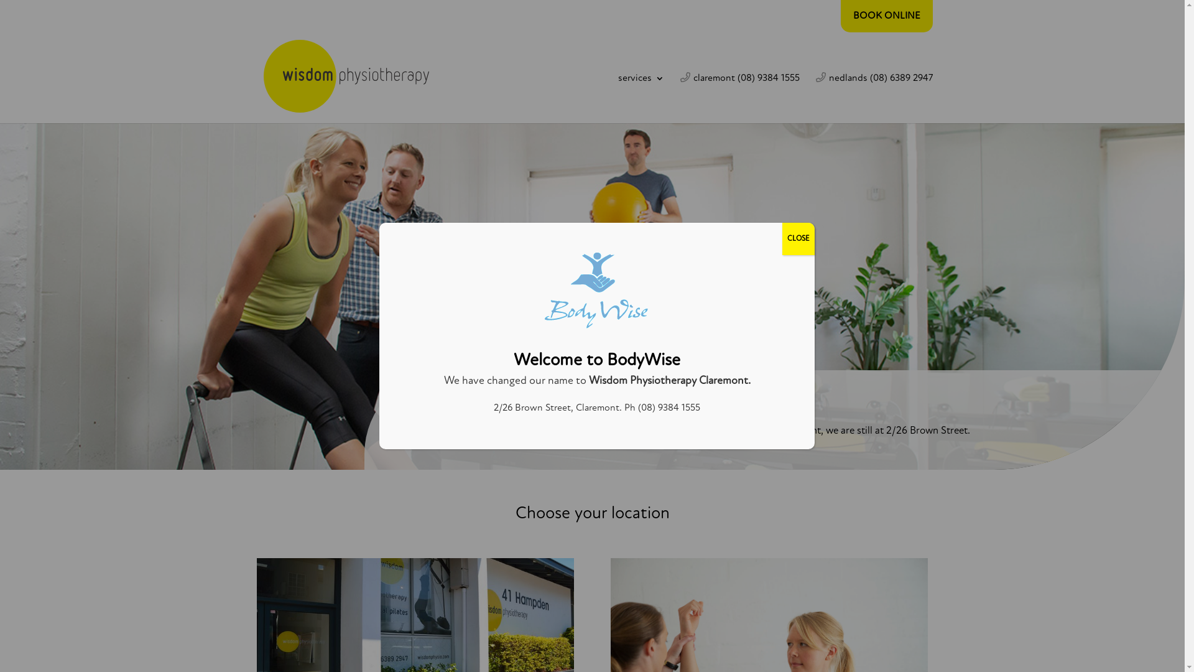 This screenshot has width=1194, height=672. What do you see at coordinates (886, 16) in the screenshot?
I see `'BOOK ONLINE'` at bounding box center [886, 16].